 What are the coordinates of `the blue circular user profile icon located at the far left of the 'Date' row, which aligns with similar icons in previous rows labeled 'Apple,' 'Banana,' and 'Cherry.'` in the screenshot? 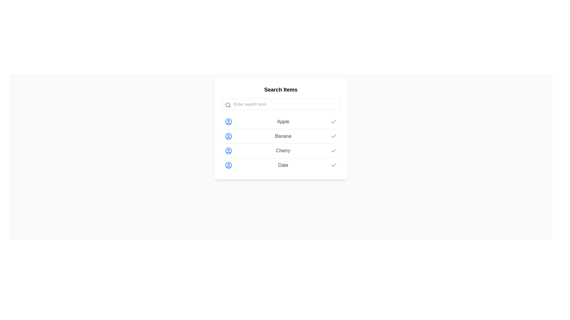 It's located at (228, 165).